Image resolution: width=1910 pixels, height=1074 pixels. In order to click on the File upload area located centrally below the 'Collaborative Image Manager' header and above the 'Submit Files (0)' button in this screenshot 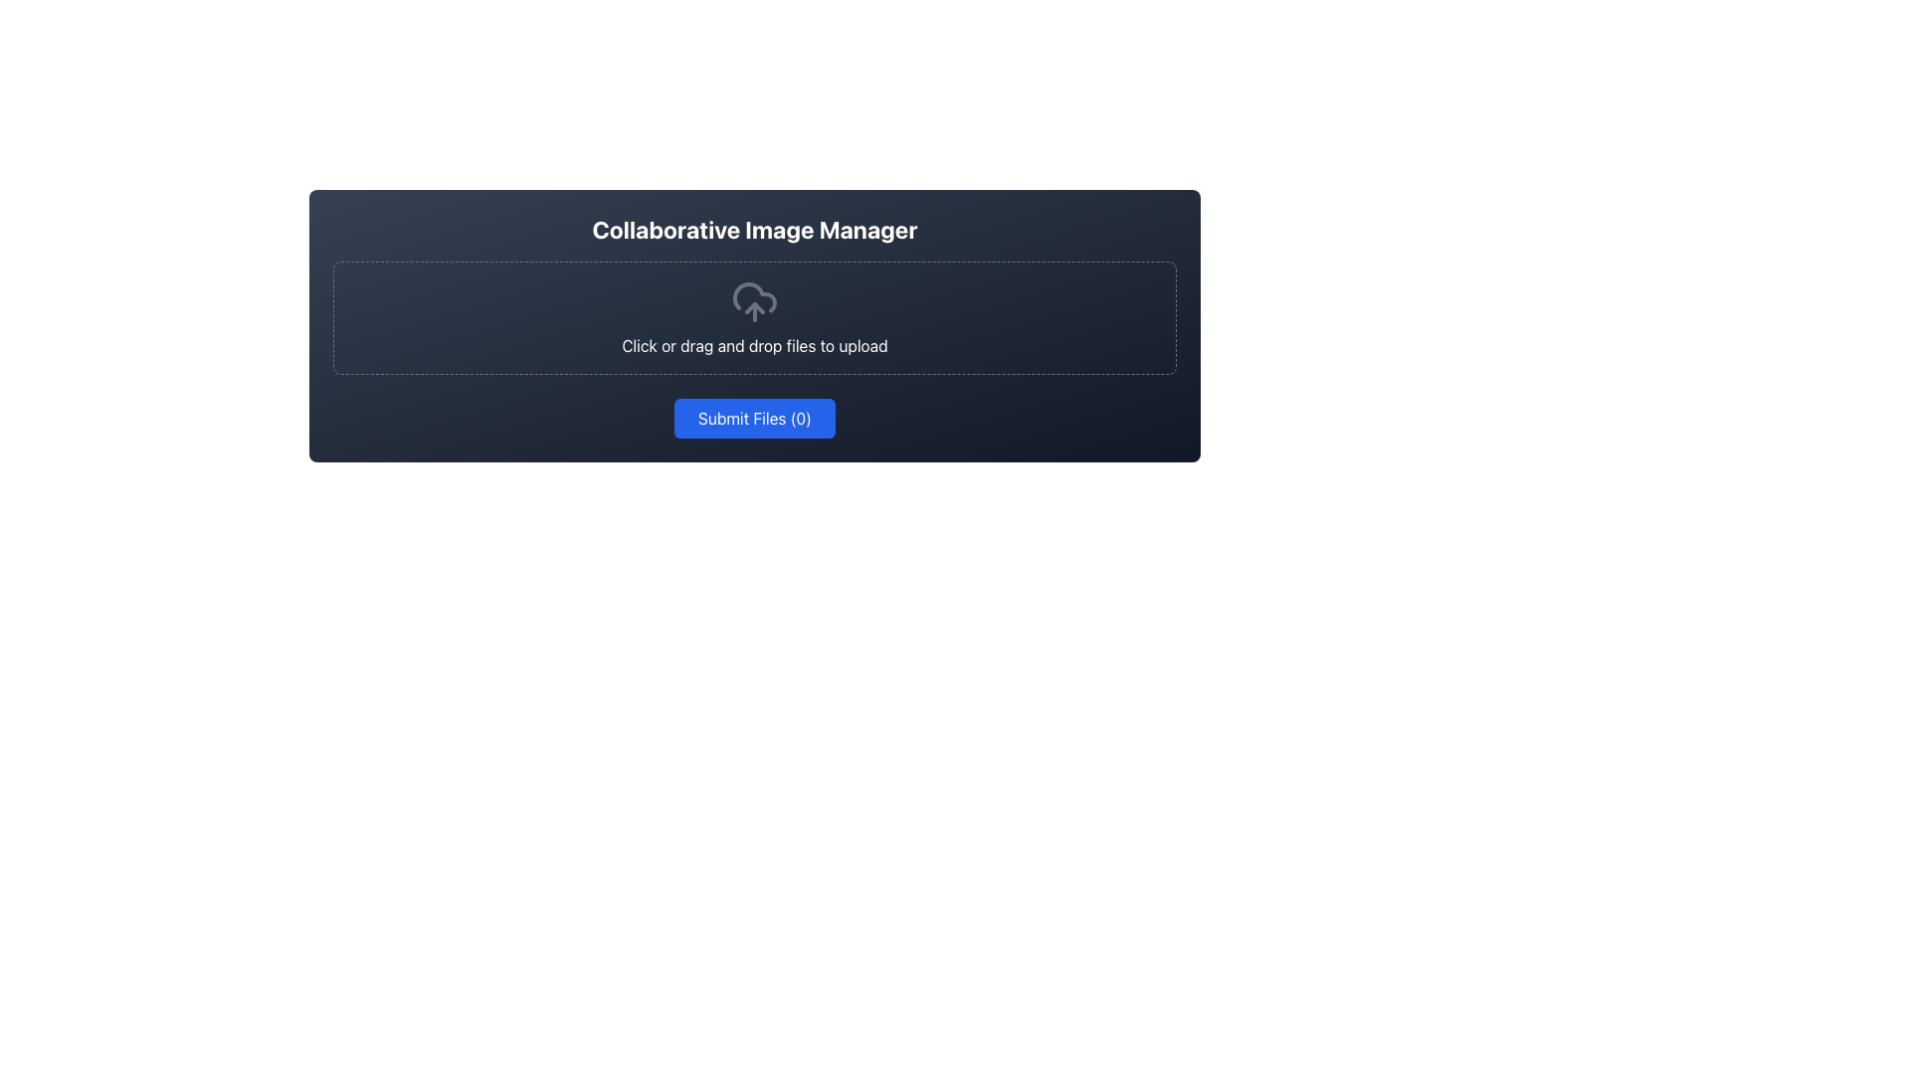, I will do `click(753, 315)`.